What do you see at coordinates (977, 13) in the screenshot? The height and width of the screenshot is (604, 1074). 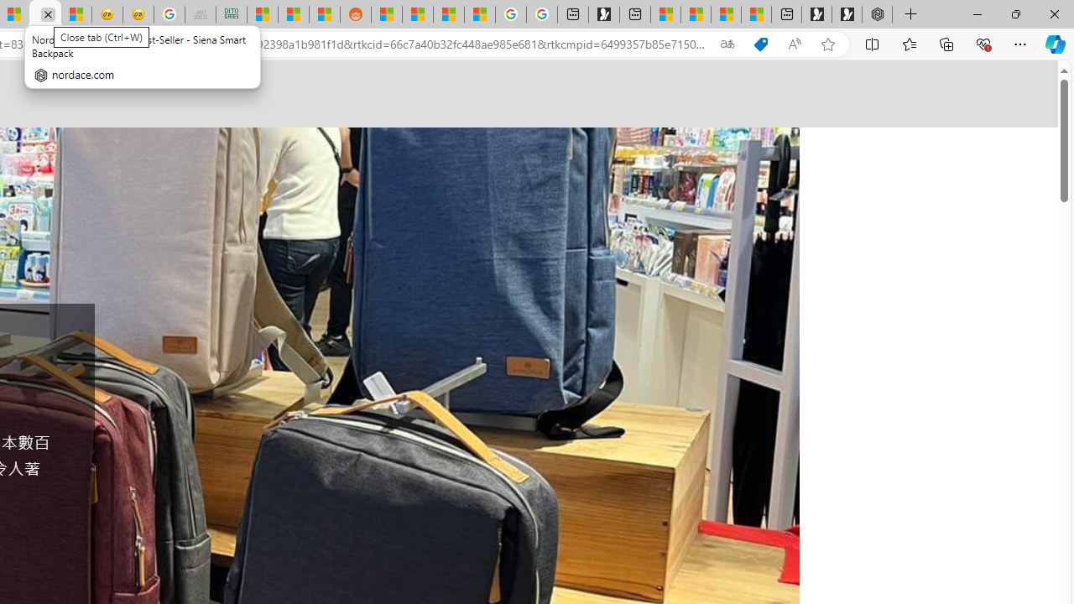 I see `'Minimize'` at bounding box center [977, 13].